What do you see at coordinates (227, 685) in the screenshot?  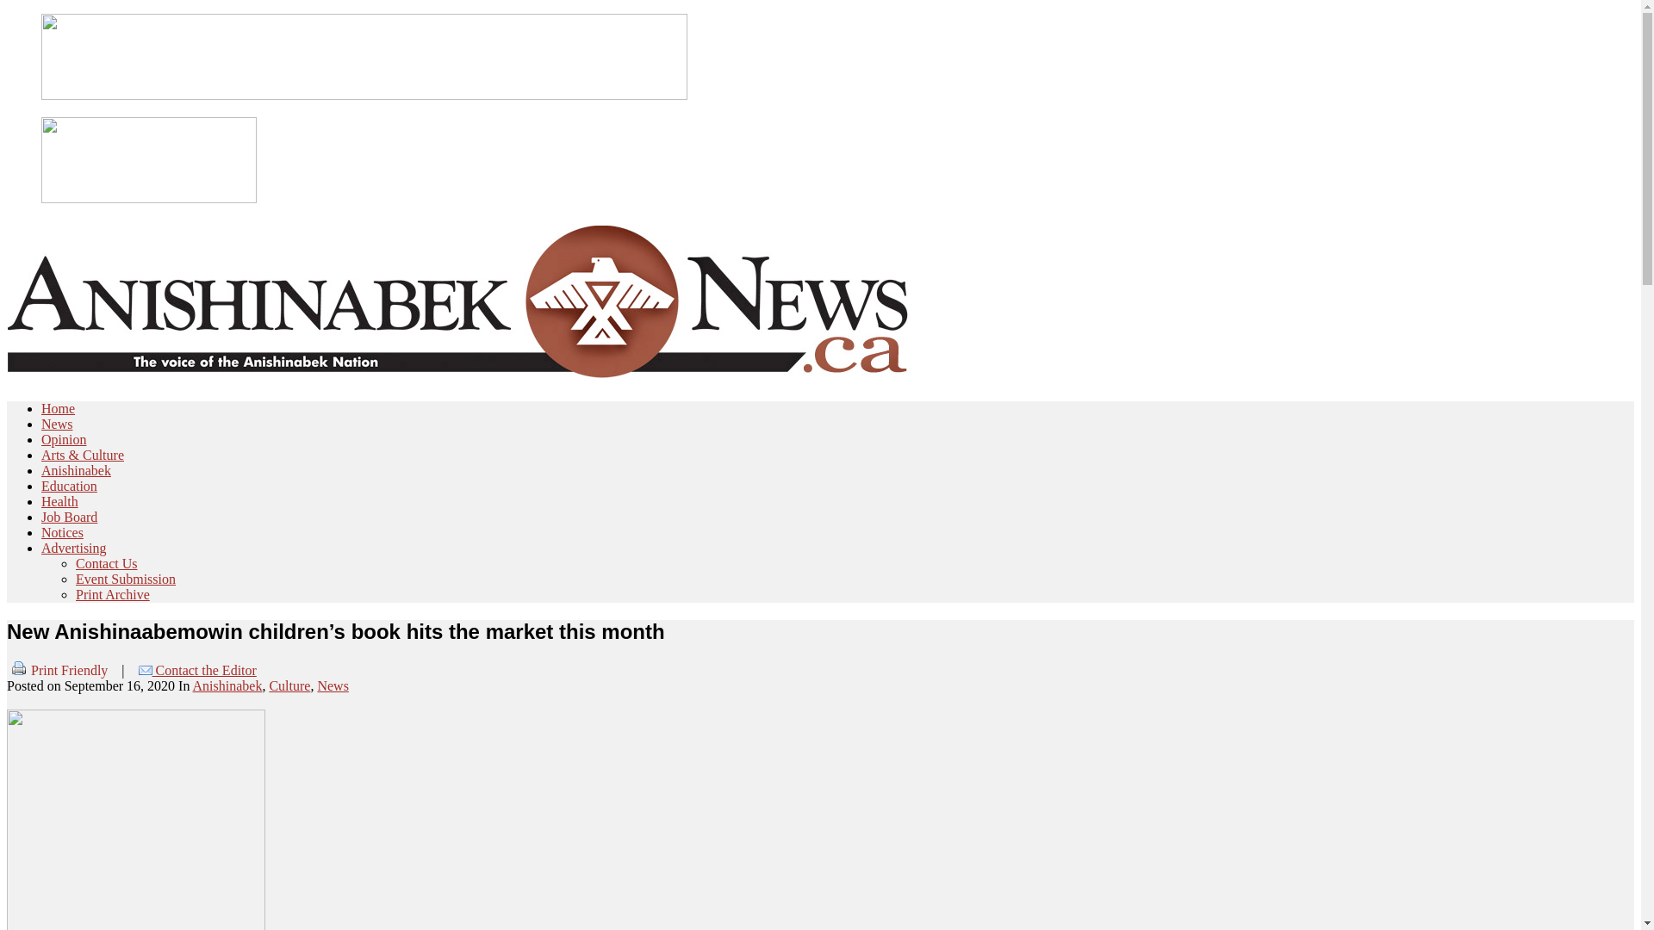 I see `'Anishinabek'` at bounding box center [227, 685].